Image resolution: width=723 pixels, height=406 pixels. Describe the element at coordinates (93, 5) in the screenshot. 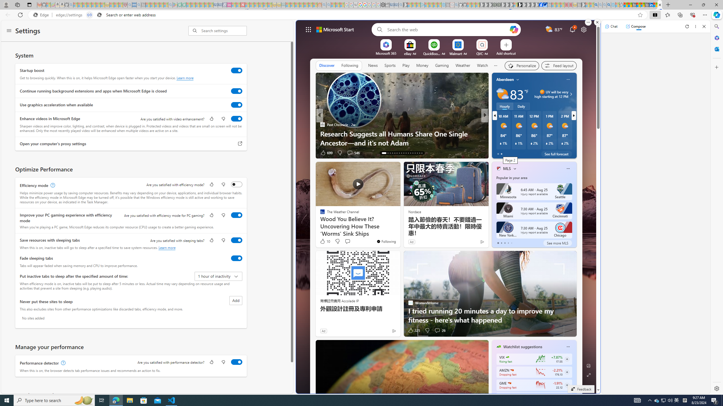

I see `'New Report Confirms 2023 Was Record Hot | Watch - Sleeping'` at that location.